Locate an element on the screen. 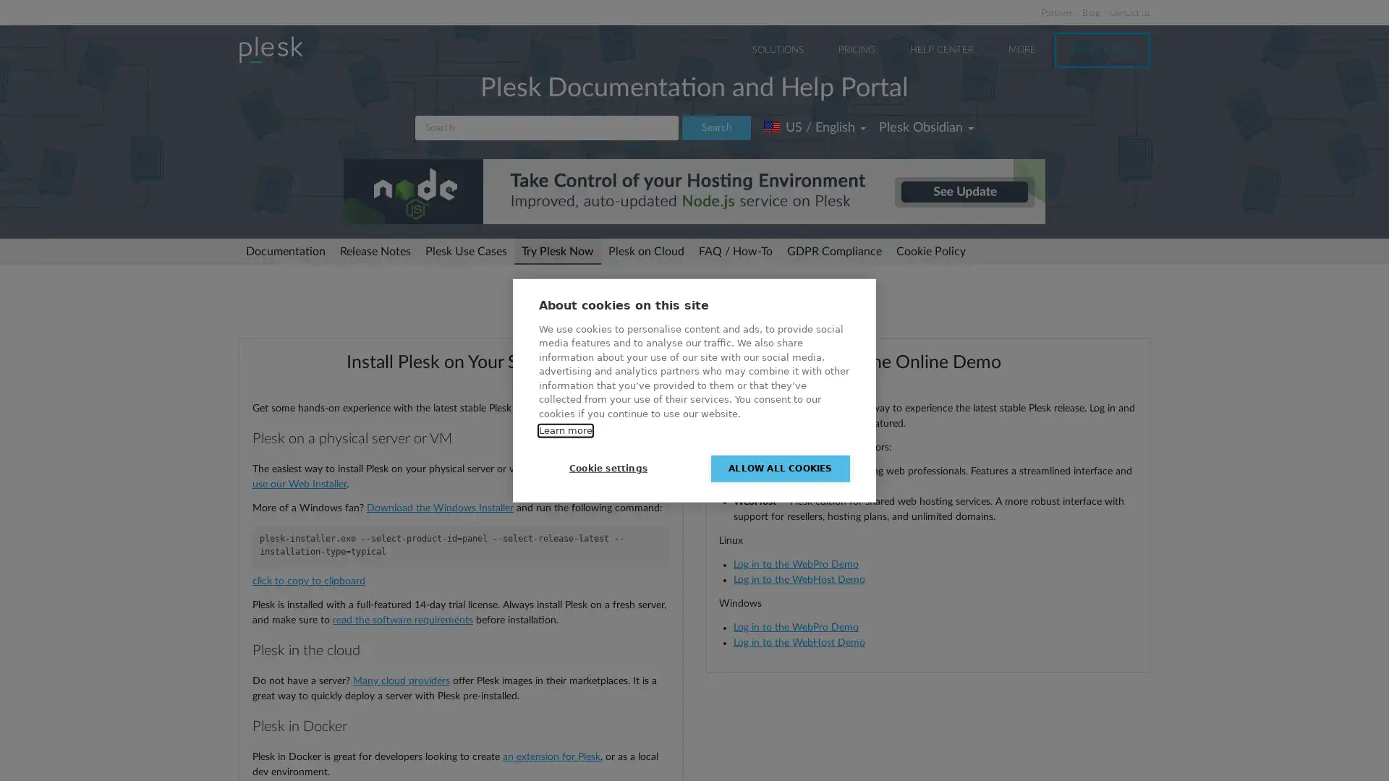 The height and width of the screenshot is (781, 1389). Cookie settings is located at coordinates (608, 468).